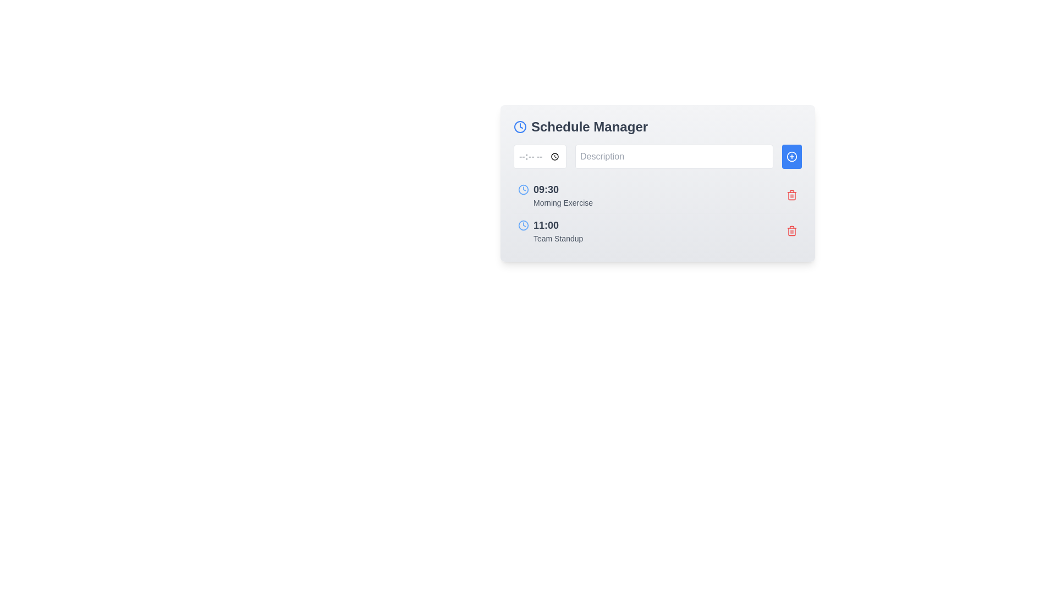 Image resolution: width=1056 pixels, height=594 pixels. Describe the element at coordinates (519, 127) in the screenshot. I see `the SVG circle element that serves as the circular outline at the center of the clock icon, located to the left of the 'Schedule Manager' title` at that location.